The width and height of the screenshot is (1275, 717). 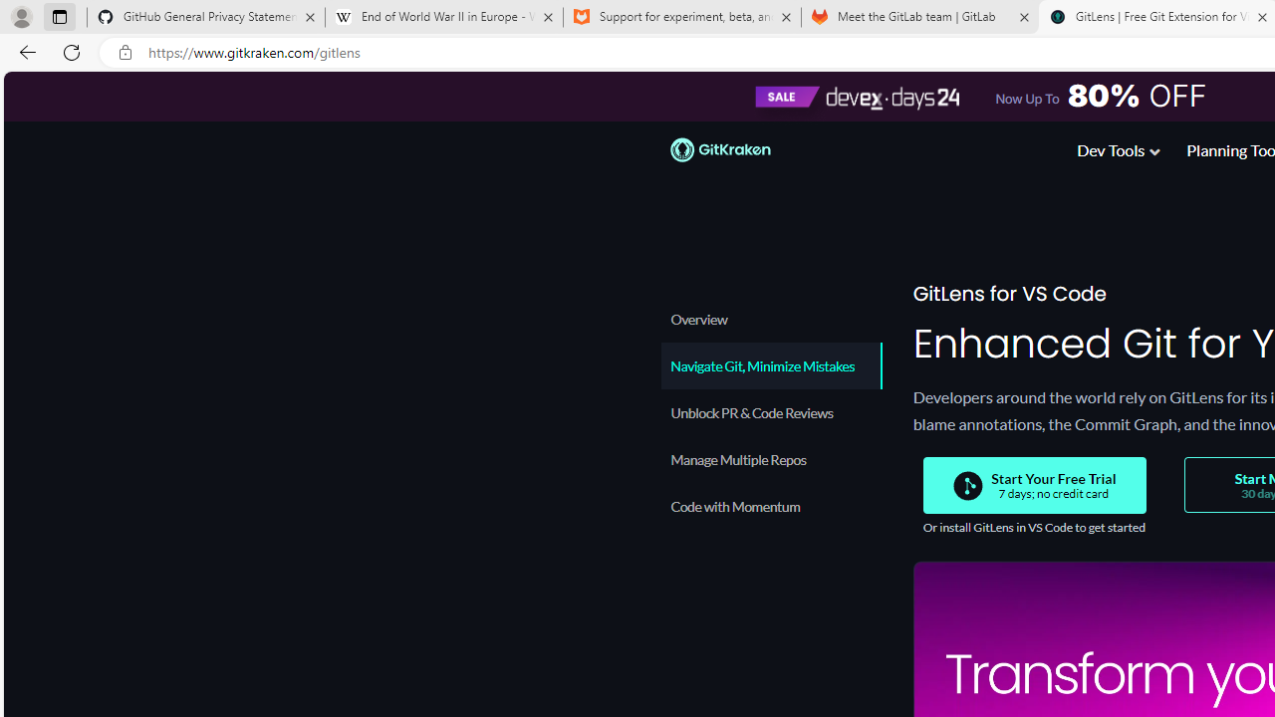 What do you see at coordinates (770, 459) in the screenshot?
I see `'Manage Multiple Repos'` at bounding box center [770, 459].